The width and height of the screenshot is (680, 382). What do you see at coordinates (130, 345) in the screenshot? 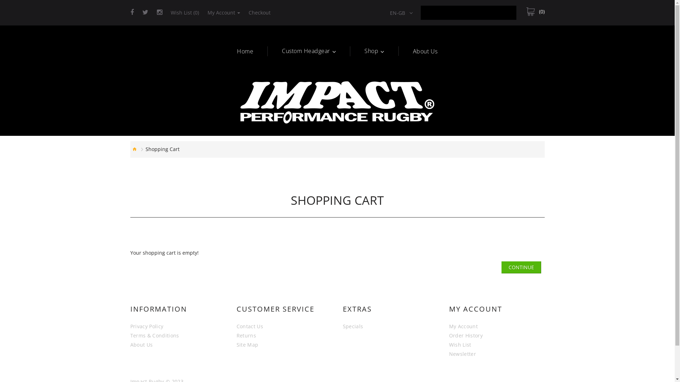
I see `'About Us'` at bounding box center [130, 345].